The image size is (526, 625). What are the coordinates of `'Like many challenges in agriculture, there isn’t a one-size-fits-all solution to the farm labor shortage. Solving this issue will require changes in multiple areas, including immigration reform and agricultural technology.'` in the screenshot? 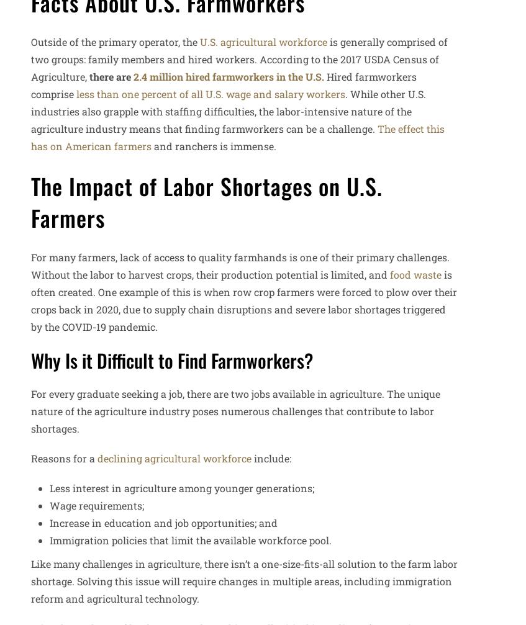 It's located at (30, 580).